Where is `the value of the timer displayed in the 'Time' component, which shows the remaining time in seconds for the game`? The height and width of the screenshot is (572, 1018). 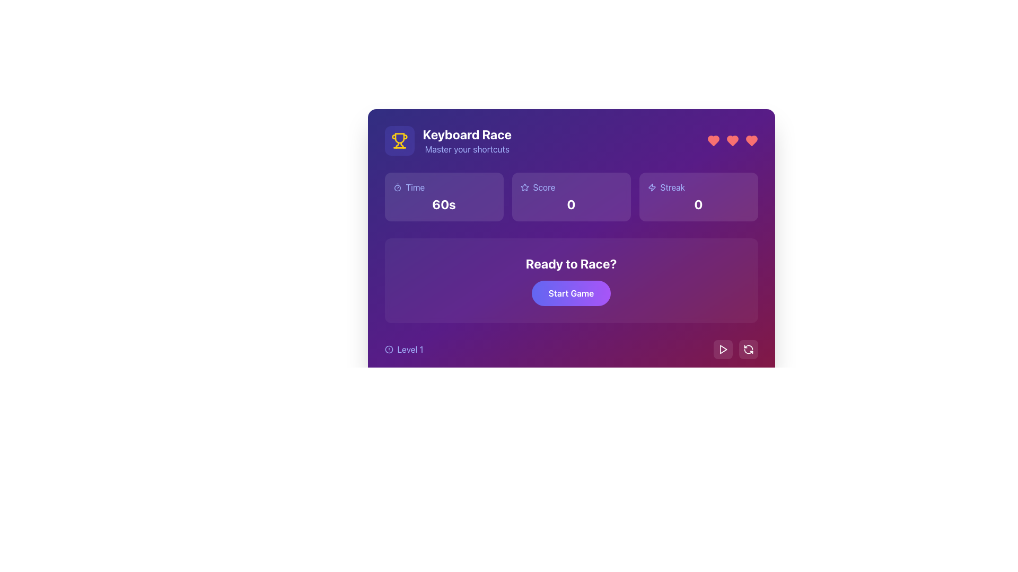
the value of the timer displayed in the 'Time' component, which shows the remaining time in seconds for the game is located at coordinates (444, 204).